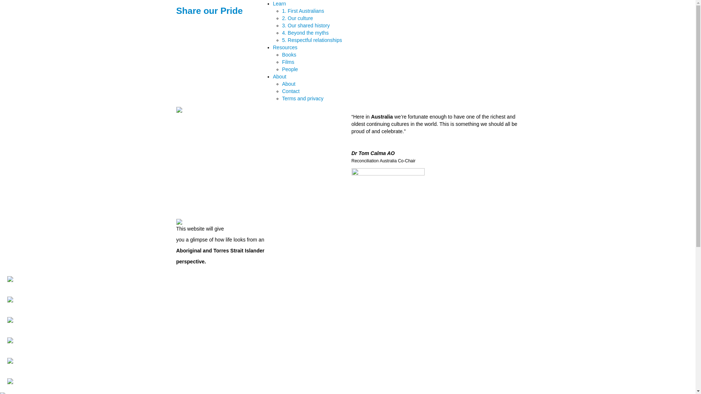 The image size is (701, 394). I want to click on 'Learn', so click(279, 4).